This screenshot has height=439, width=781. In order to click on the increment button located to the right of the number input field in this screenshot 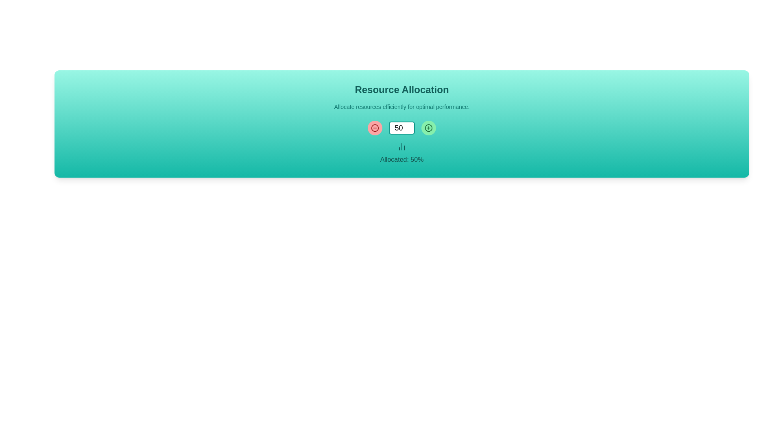, I will do `click(428, 128)`.